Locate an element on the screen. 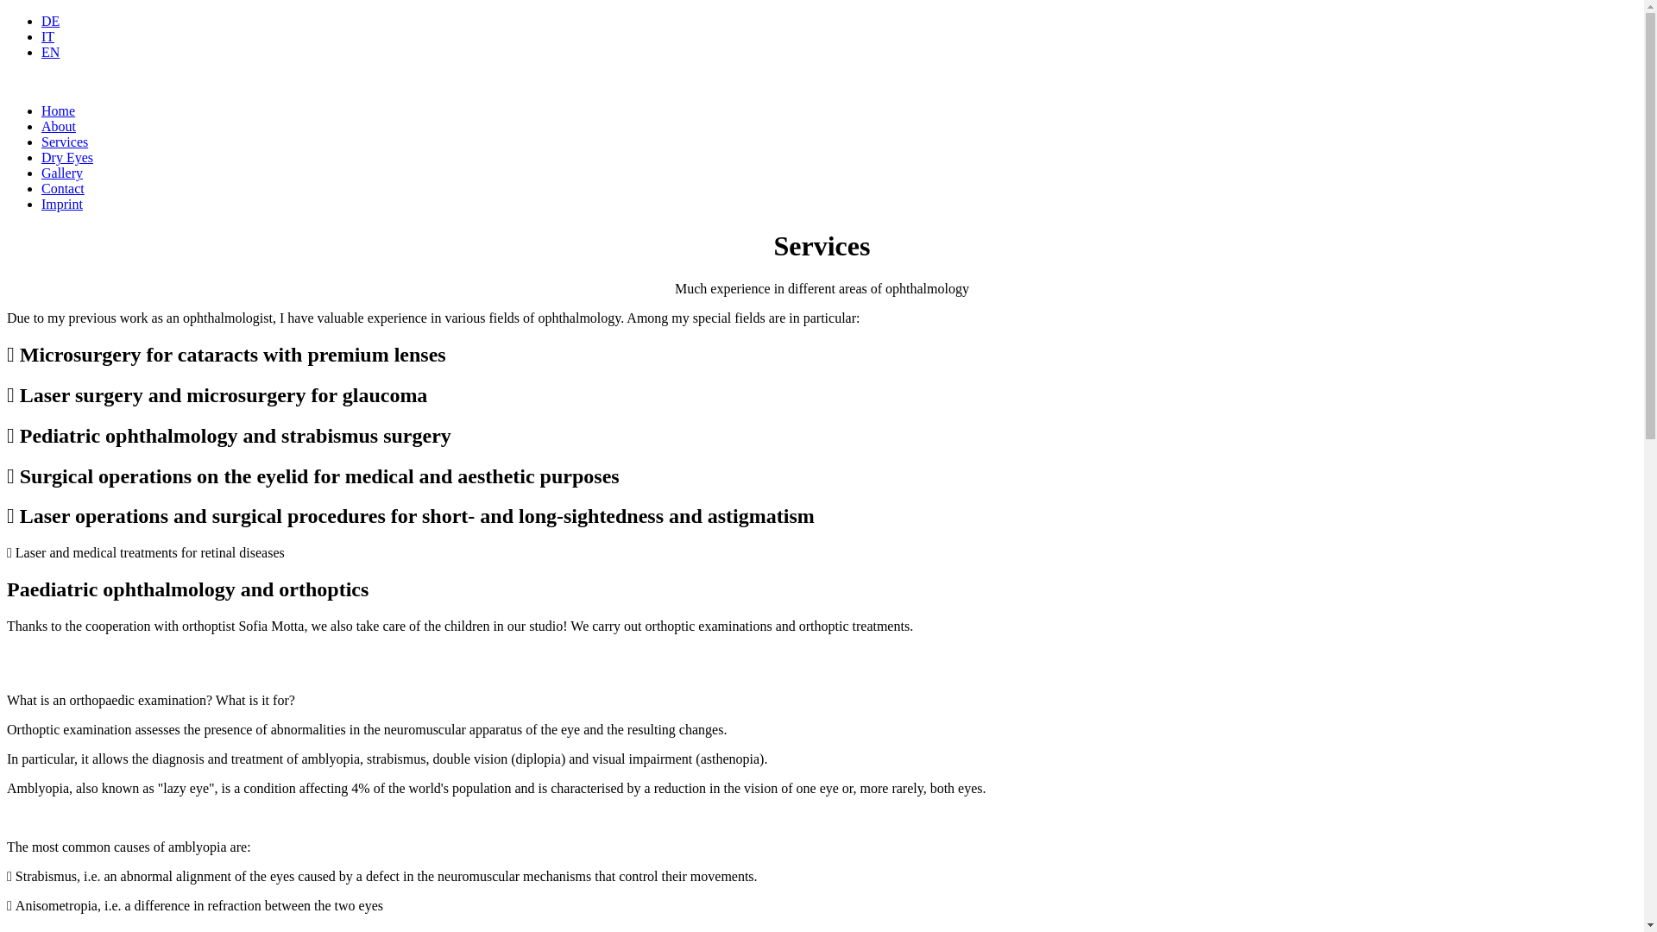 The image size is (1657, 932). 'About' is located at coordinates (58, 125).